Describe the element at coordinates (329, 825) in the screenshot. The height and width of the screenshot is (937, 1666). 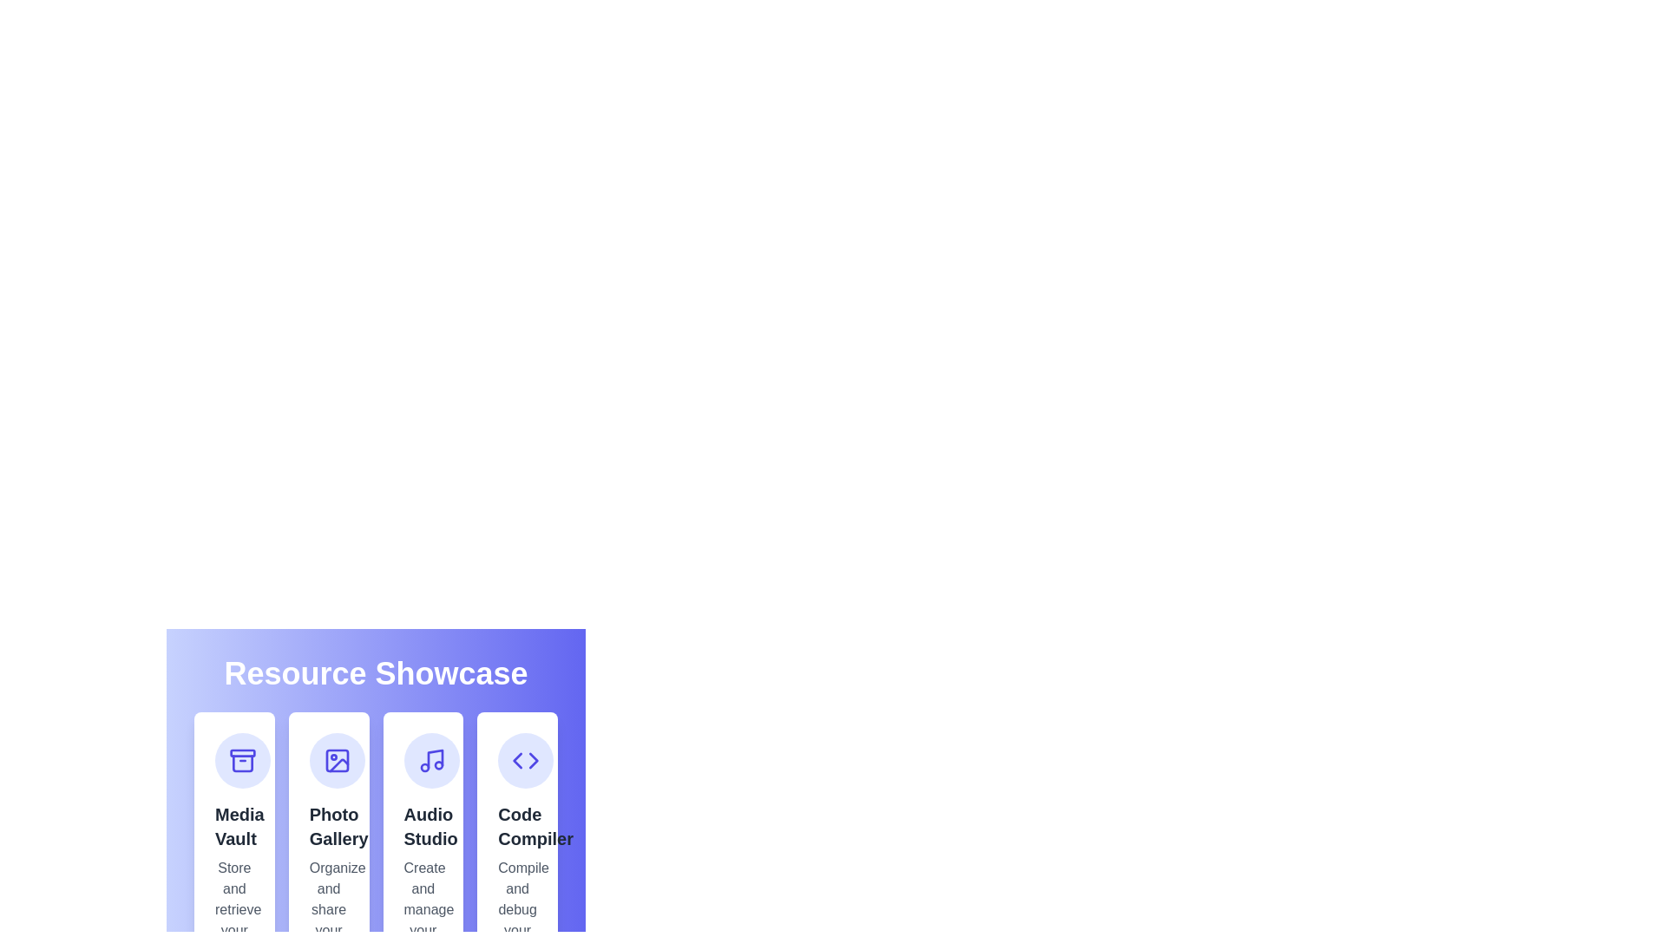
I see `the 'Photo Gallery' text label, which is a bold, large font component in dark gray color, positioned within the second card of features, centered between the icon and descriptive text` at that location.